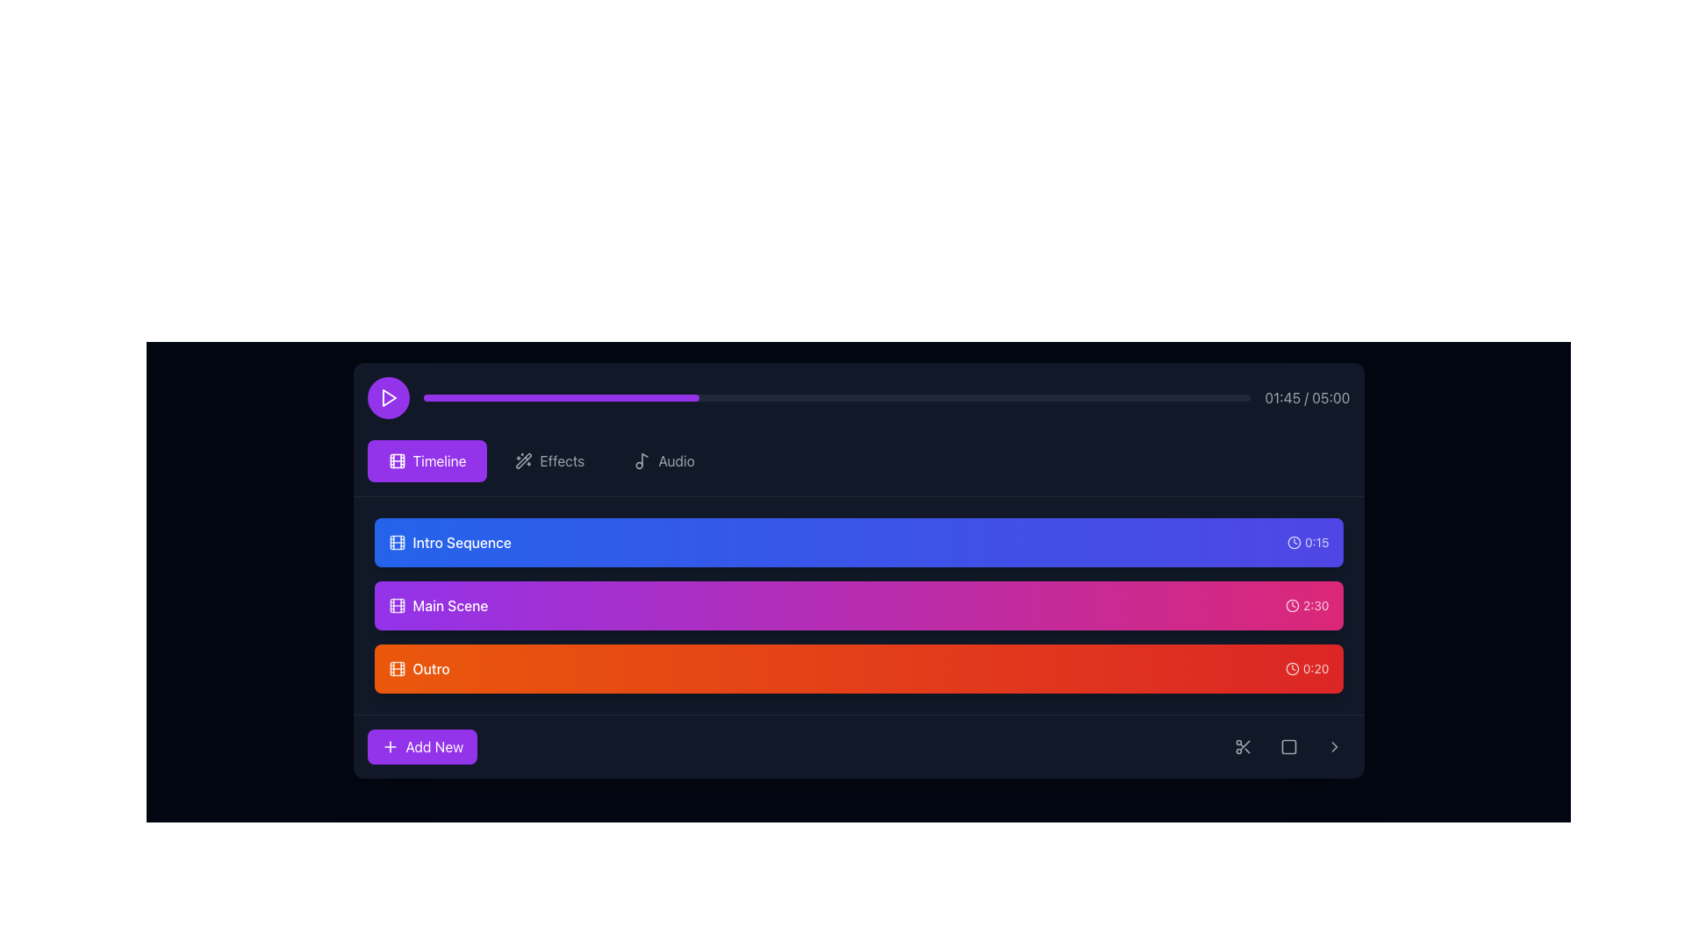 This screenshot has height=947, width=1685. I want to click on the 'Timeline' button that contains the small purple filmstrip icon located to the left of the 'Timeline' label text, so click(396, 459).